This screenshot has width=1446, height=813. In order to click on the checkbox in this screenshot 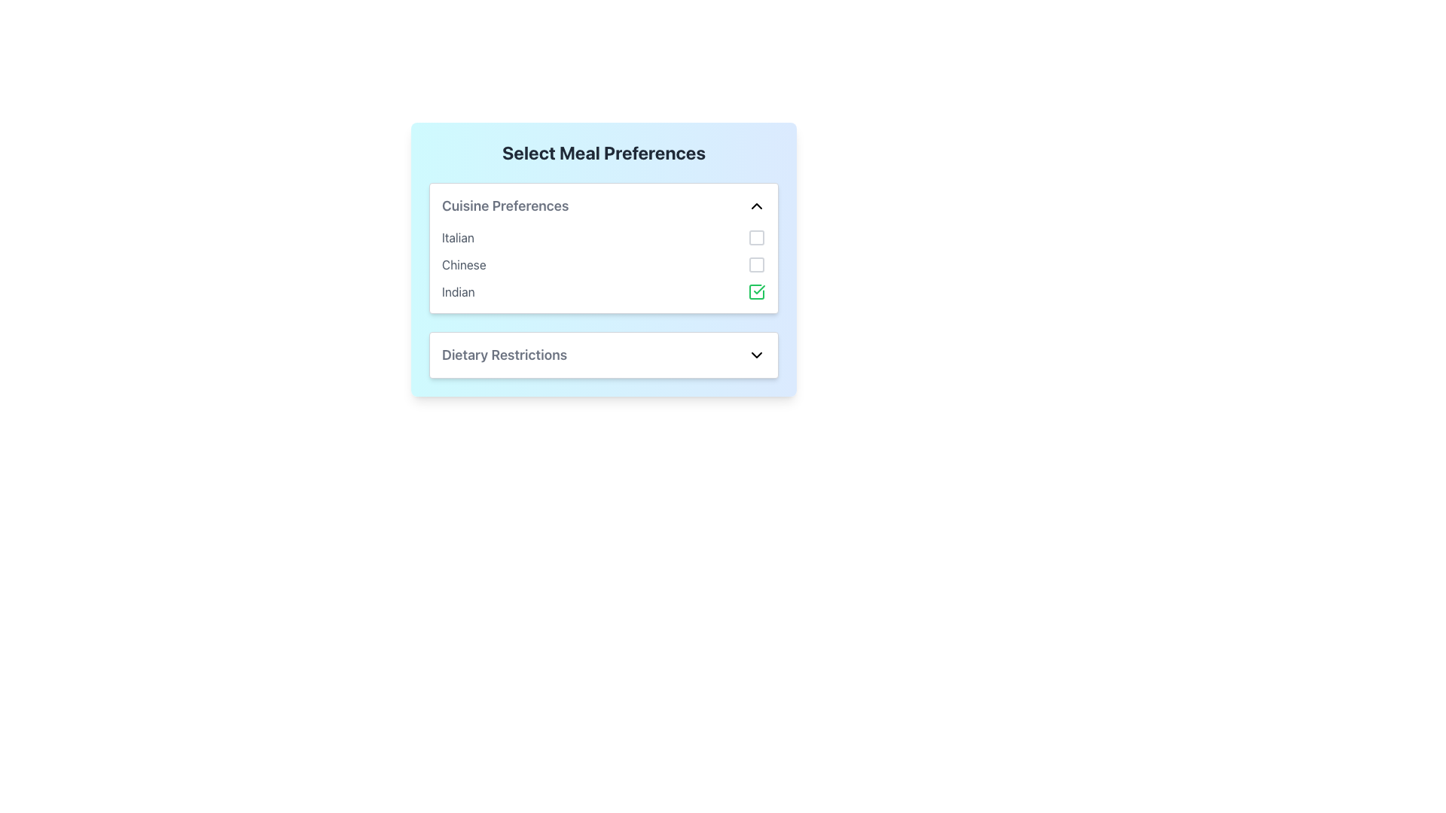, I will do `click(756, 263)`.